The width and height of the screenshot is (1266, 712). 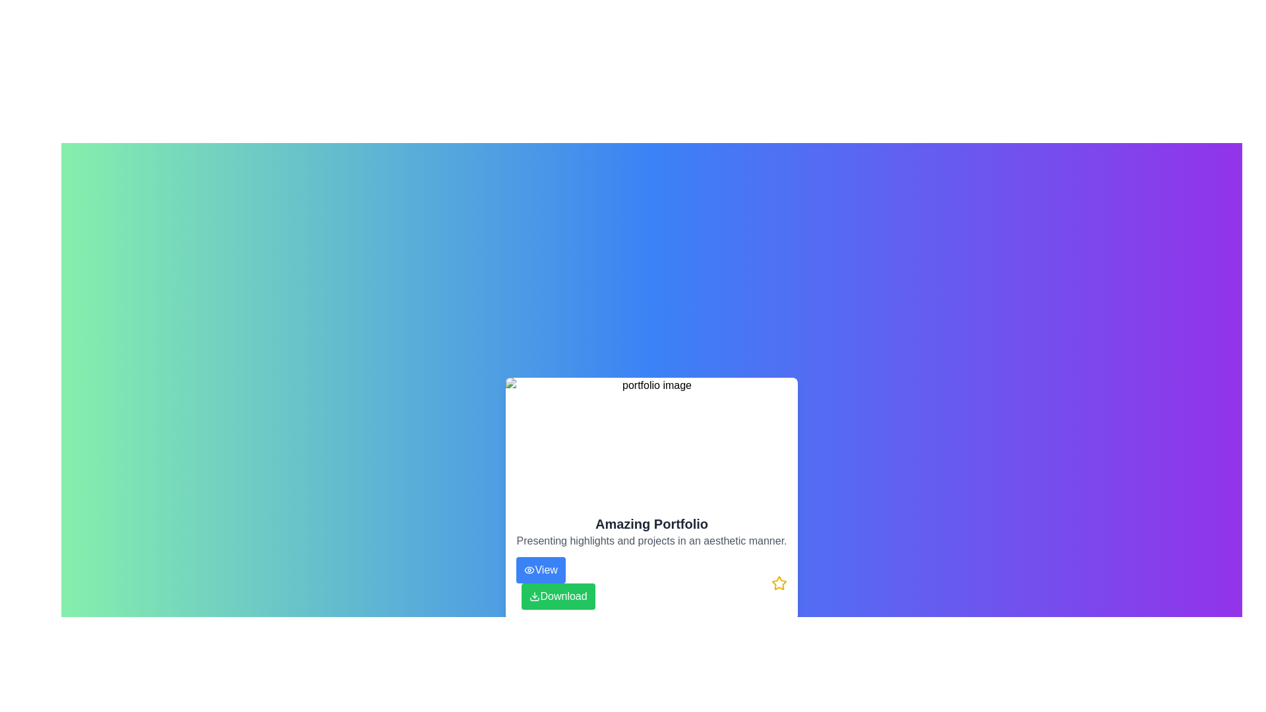 I want to click on the decorative icon located at the bottom-right corner of the card, adjacent to the green 'Download' button, so click(x=779, y=582).